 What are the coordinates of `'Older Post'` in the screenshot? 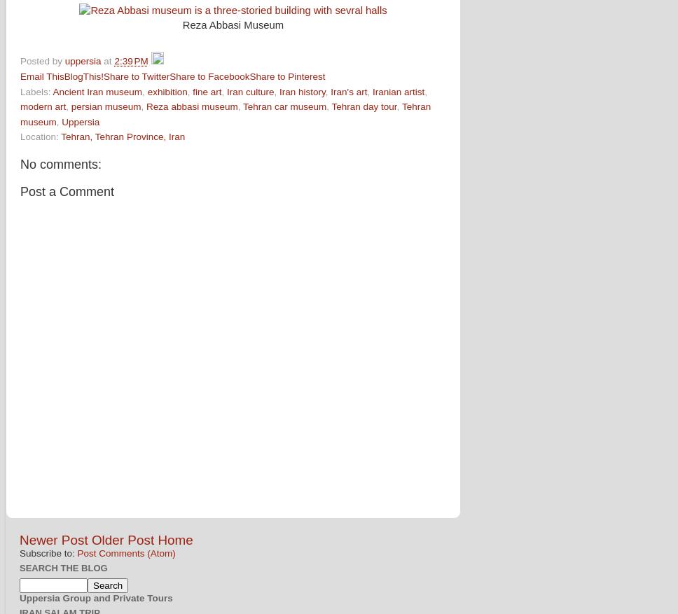 It's located at (123, 539).